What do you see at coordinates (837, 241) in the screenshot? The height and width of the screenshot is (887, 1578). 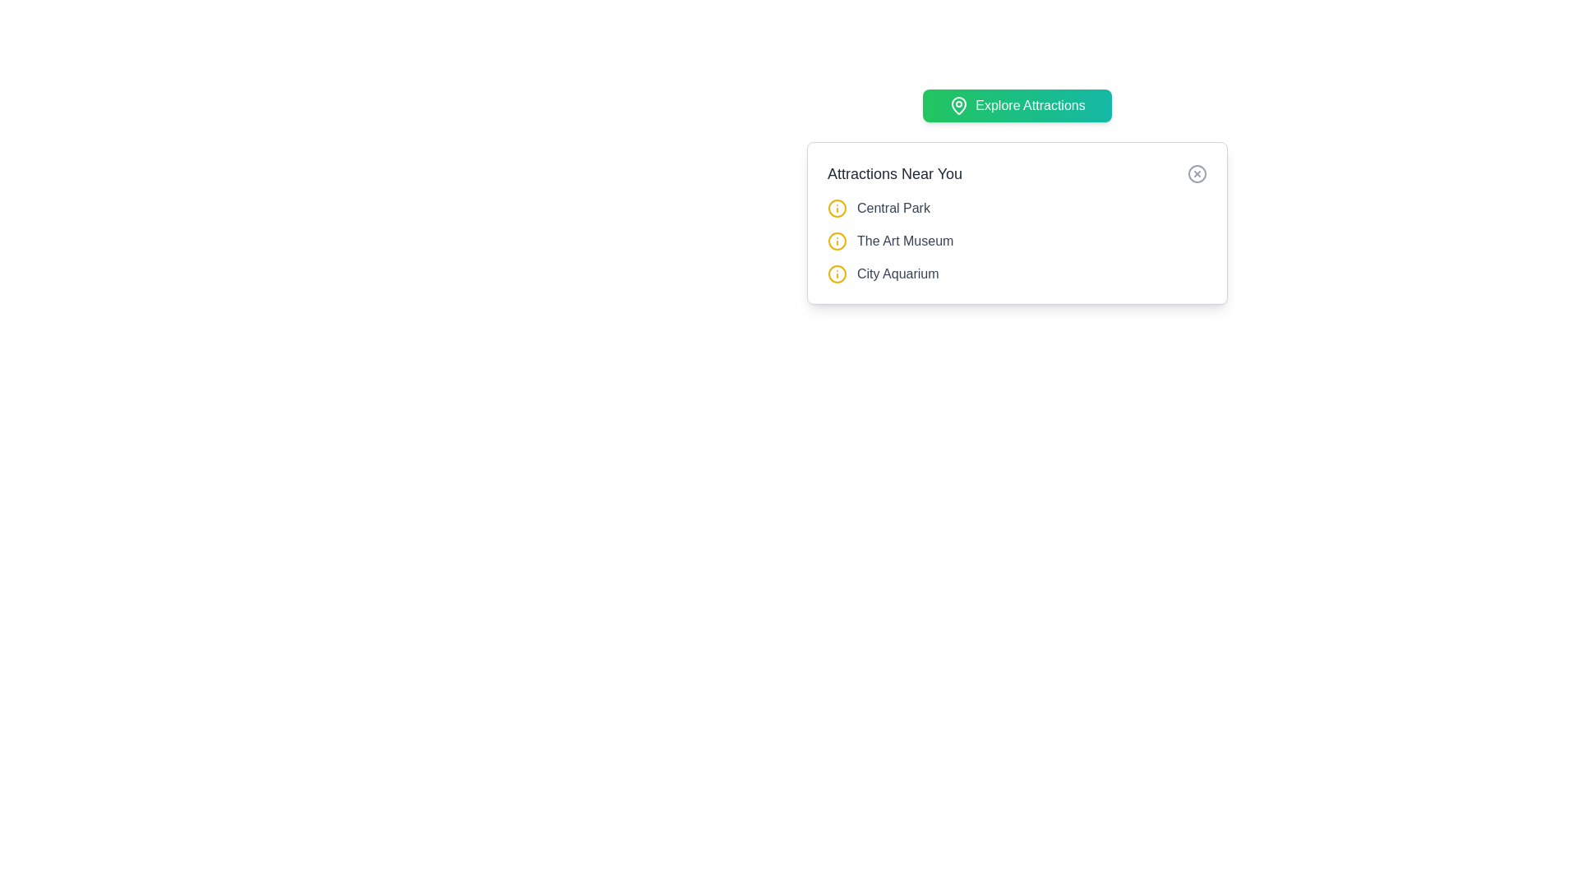 I see `the informational icon for 'The Art Museum', located to the left of the text label in a horizontal list` at bounding box center [837, 241].